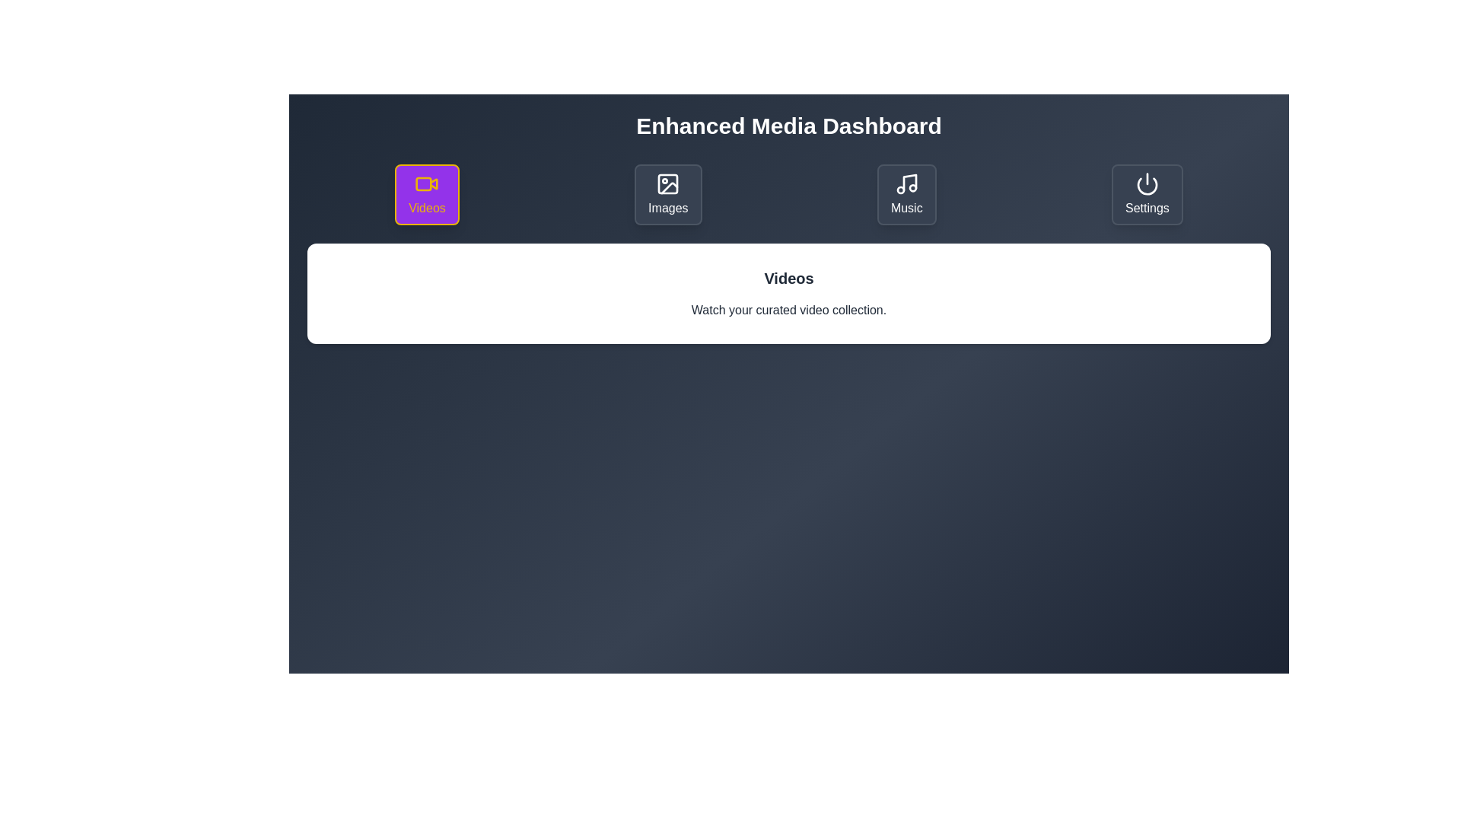 This screenshot has height=822, width=1461. What do you see at coordinates (426, 193) in the screenshot?
I see `the Videos tab to switch to its content` at bounding box center [426, 193].